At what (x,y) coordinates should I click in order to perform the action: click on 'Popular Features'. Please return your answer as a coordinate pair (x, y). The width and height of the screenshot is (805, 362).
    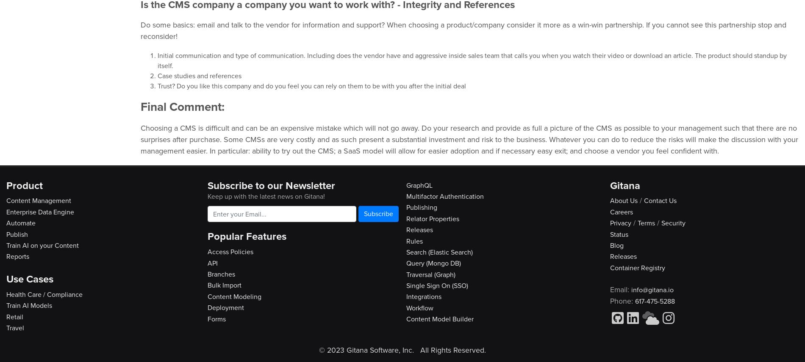
    Looking at the image, I should click on (247, 236).